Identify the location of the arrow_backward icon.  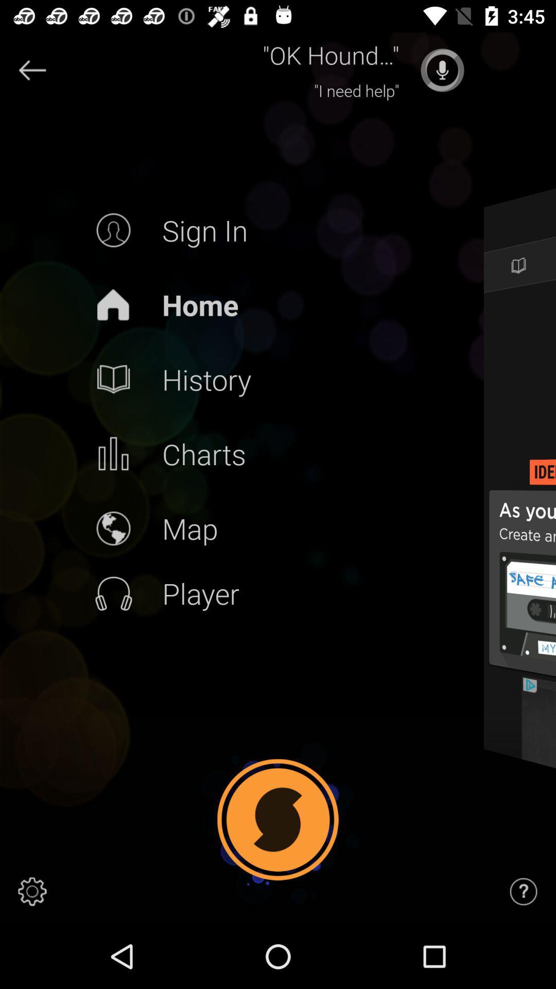
(31, 70).